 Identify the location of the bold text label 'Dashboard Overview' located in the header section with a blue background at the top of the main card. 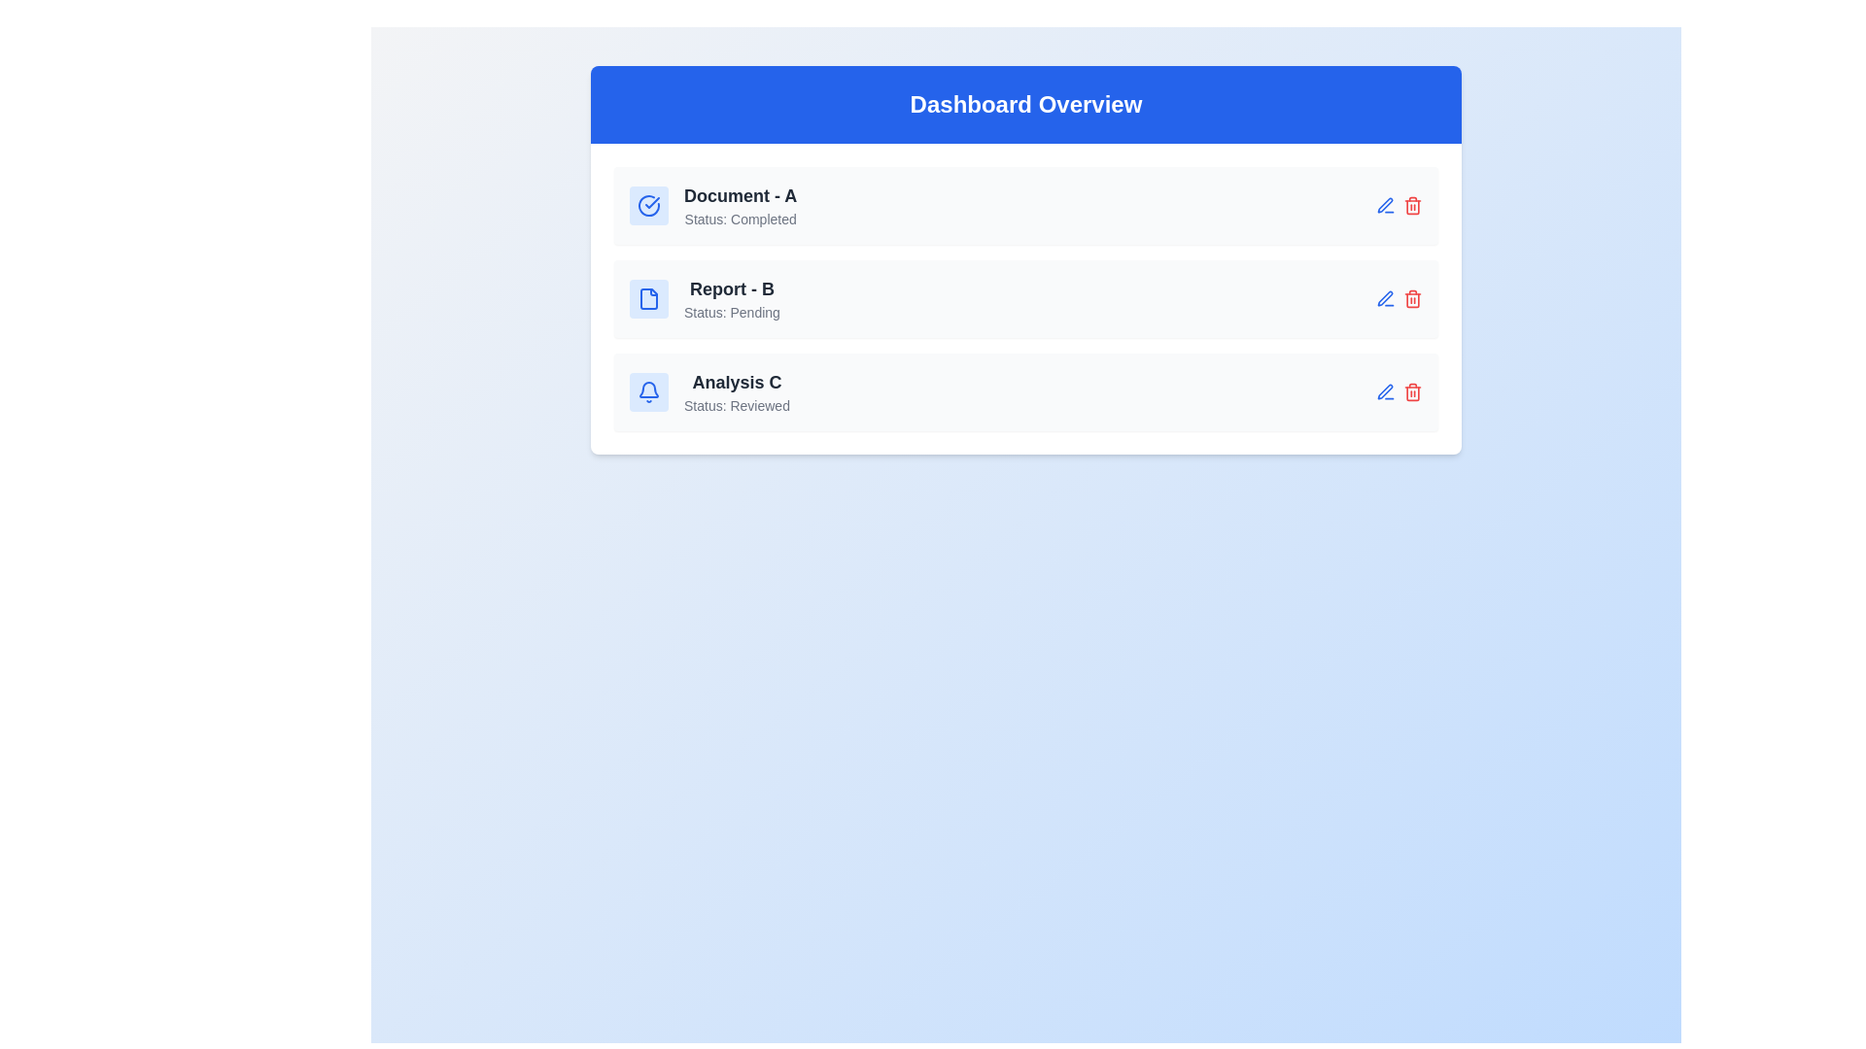
(1025, 105).